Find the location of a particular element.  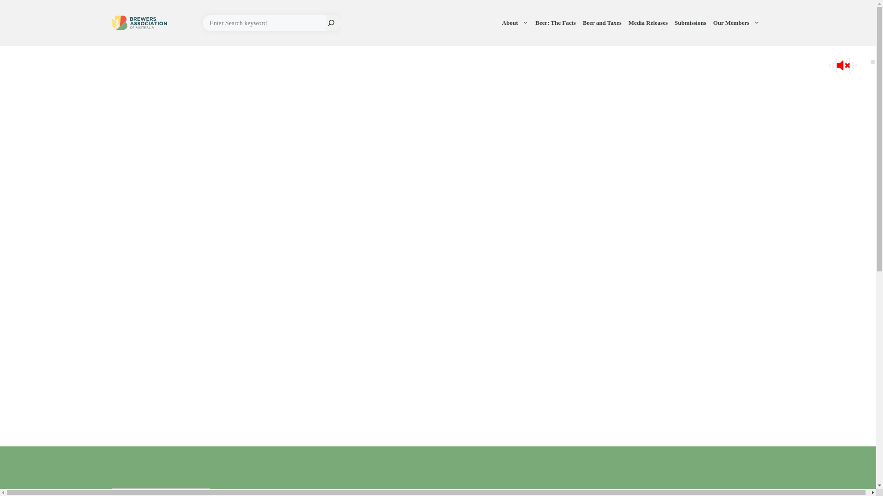

'Submissions' is located at coordinates (691, 23).